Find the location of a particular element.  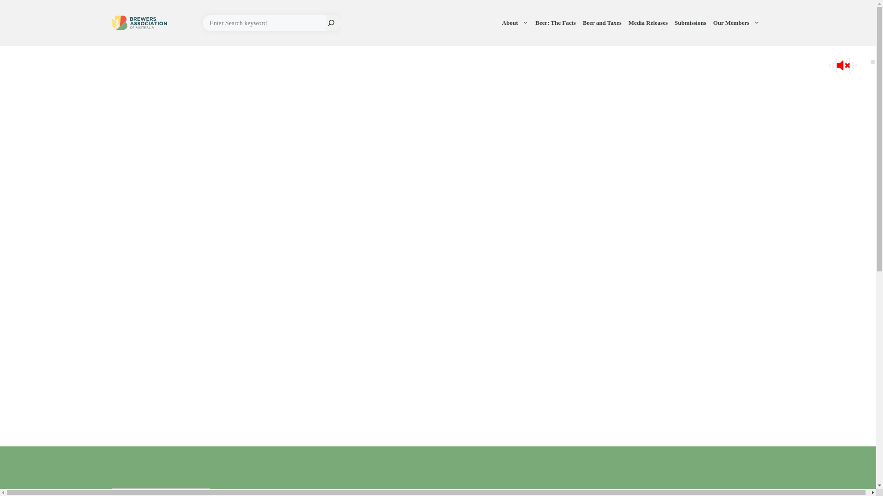

'Submissions' is located at coordinates (691, 23).